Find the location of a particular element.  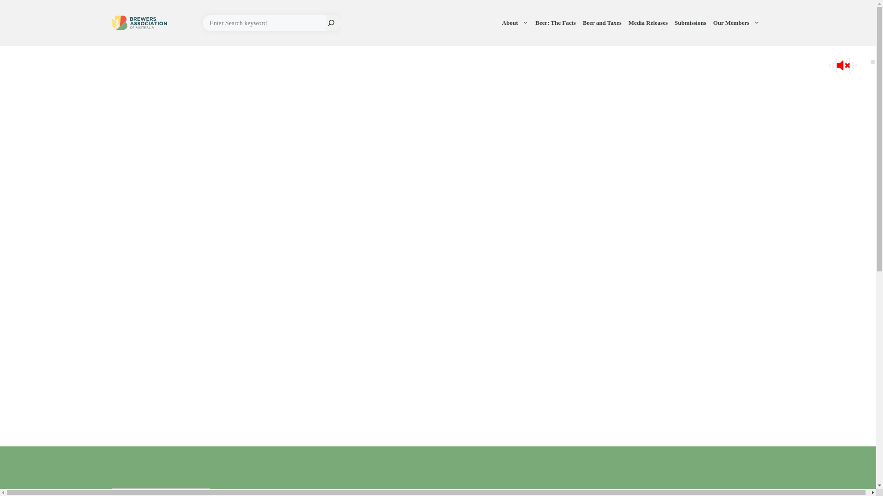

'Submissions' is located at coordinates (691, 23).